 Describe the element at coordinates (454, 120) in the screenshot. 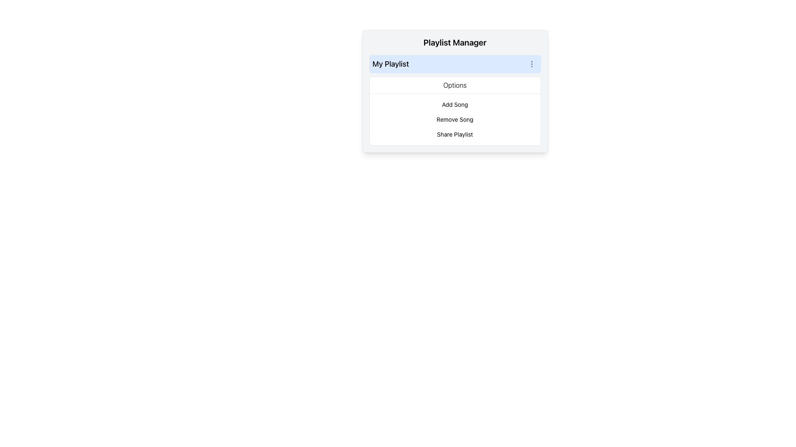

I see `the 'Remove Song' option in the vertical list under the 'Options' header in the 'Playlist Manager' card` at that location.